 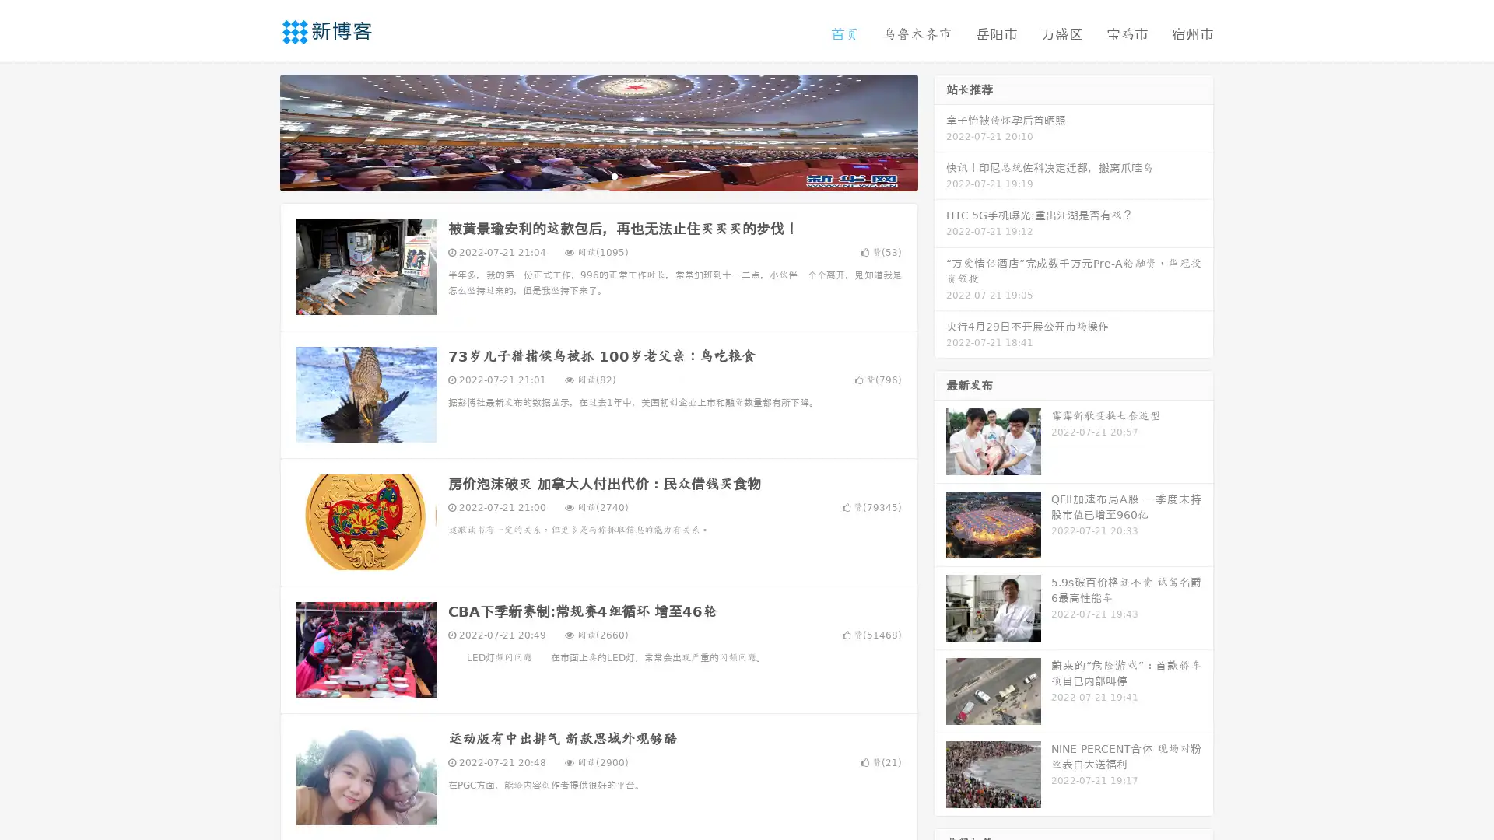 I want to click on Go to slide 1, so click(x=582, y=175).